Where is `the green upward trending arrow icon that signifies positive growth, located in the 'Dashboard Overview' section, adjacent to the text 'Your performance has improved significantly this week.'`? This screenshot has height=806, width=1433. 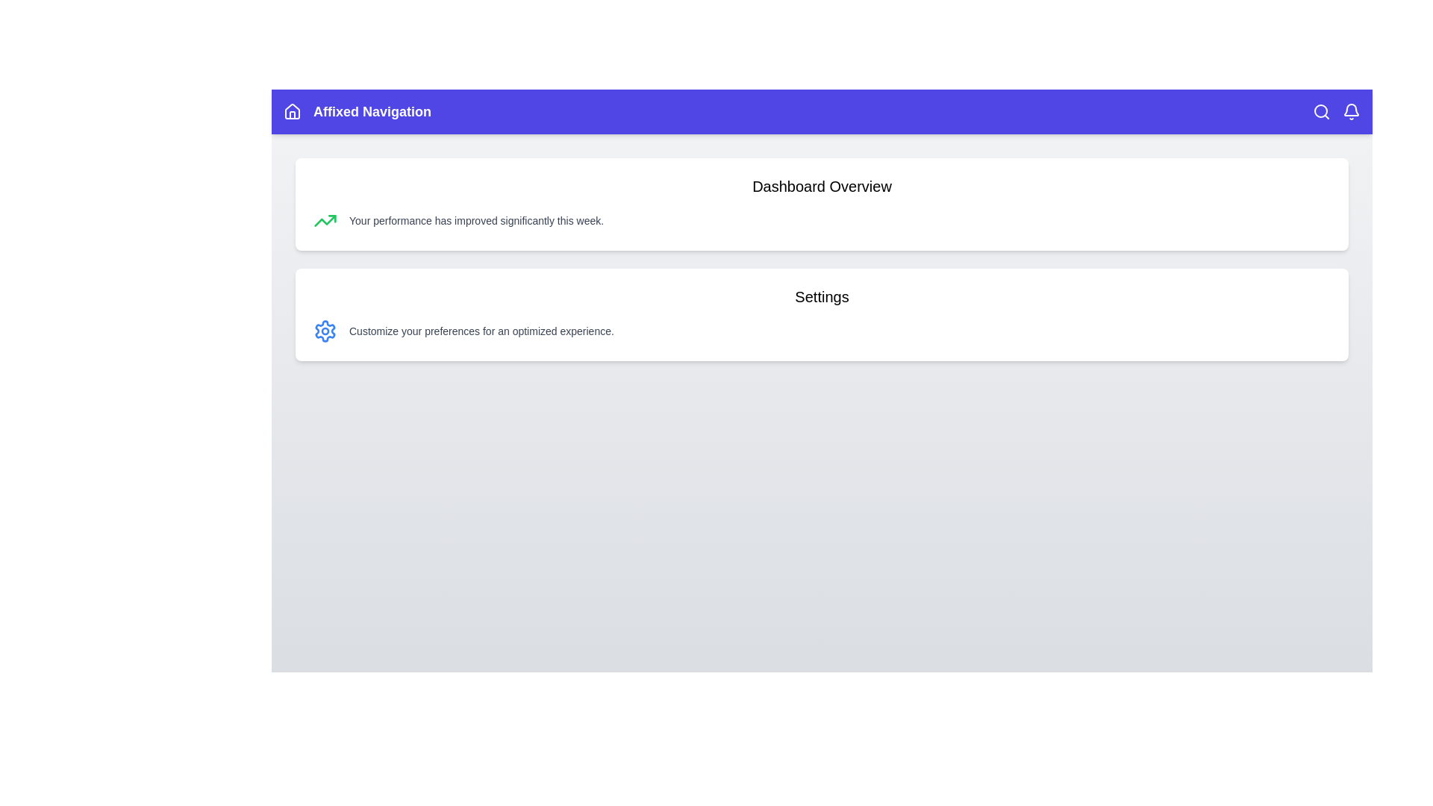 the green upward trending arrow icon that signifies positive growth, located in the 'Dashboard Overview' section, adjacent to the text 'Your performance has improved significantly this week.' is located at coordinates (325, 221).